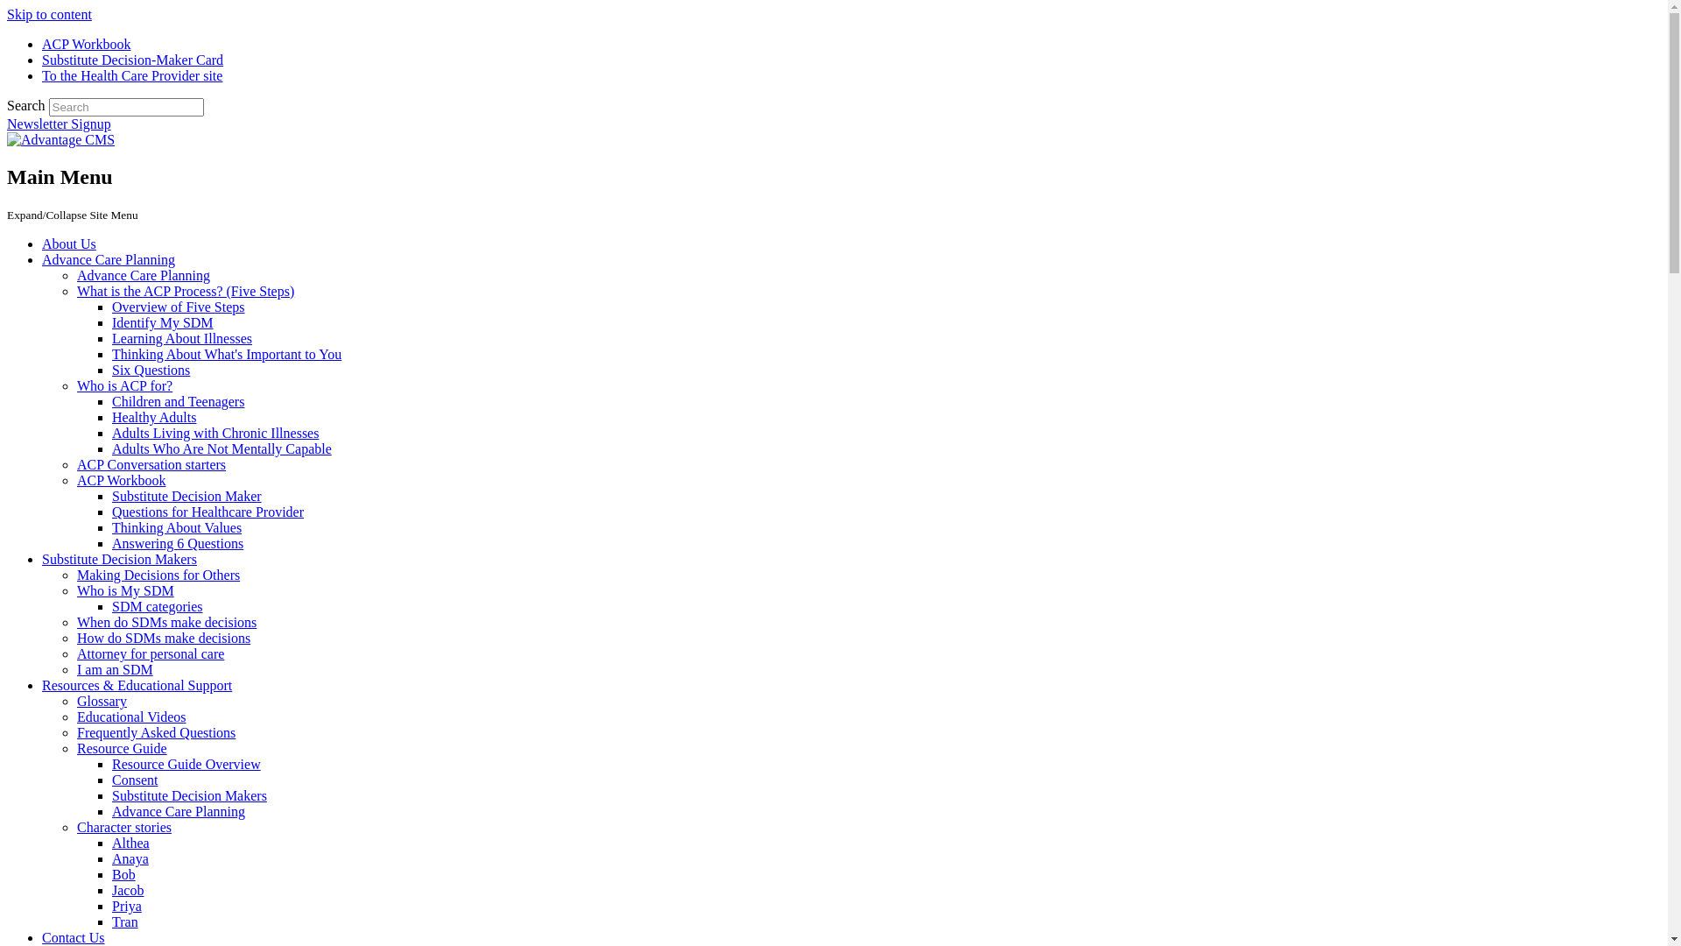 The height and width of the screenshot is (946, 1681). What do you see at coordinates (75, 638) in the screenshot?
I see `'How do SDMs make decisions'` at bounding box center [75, 638].